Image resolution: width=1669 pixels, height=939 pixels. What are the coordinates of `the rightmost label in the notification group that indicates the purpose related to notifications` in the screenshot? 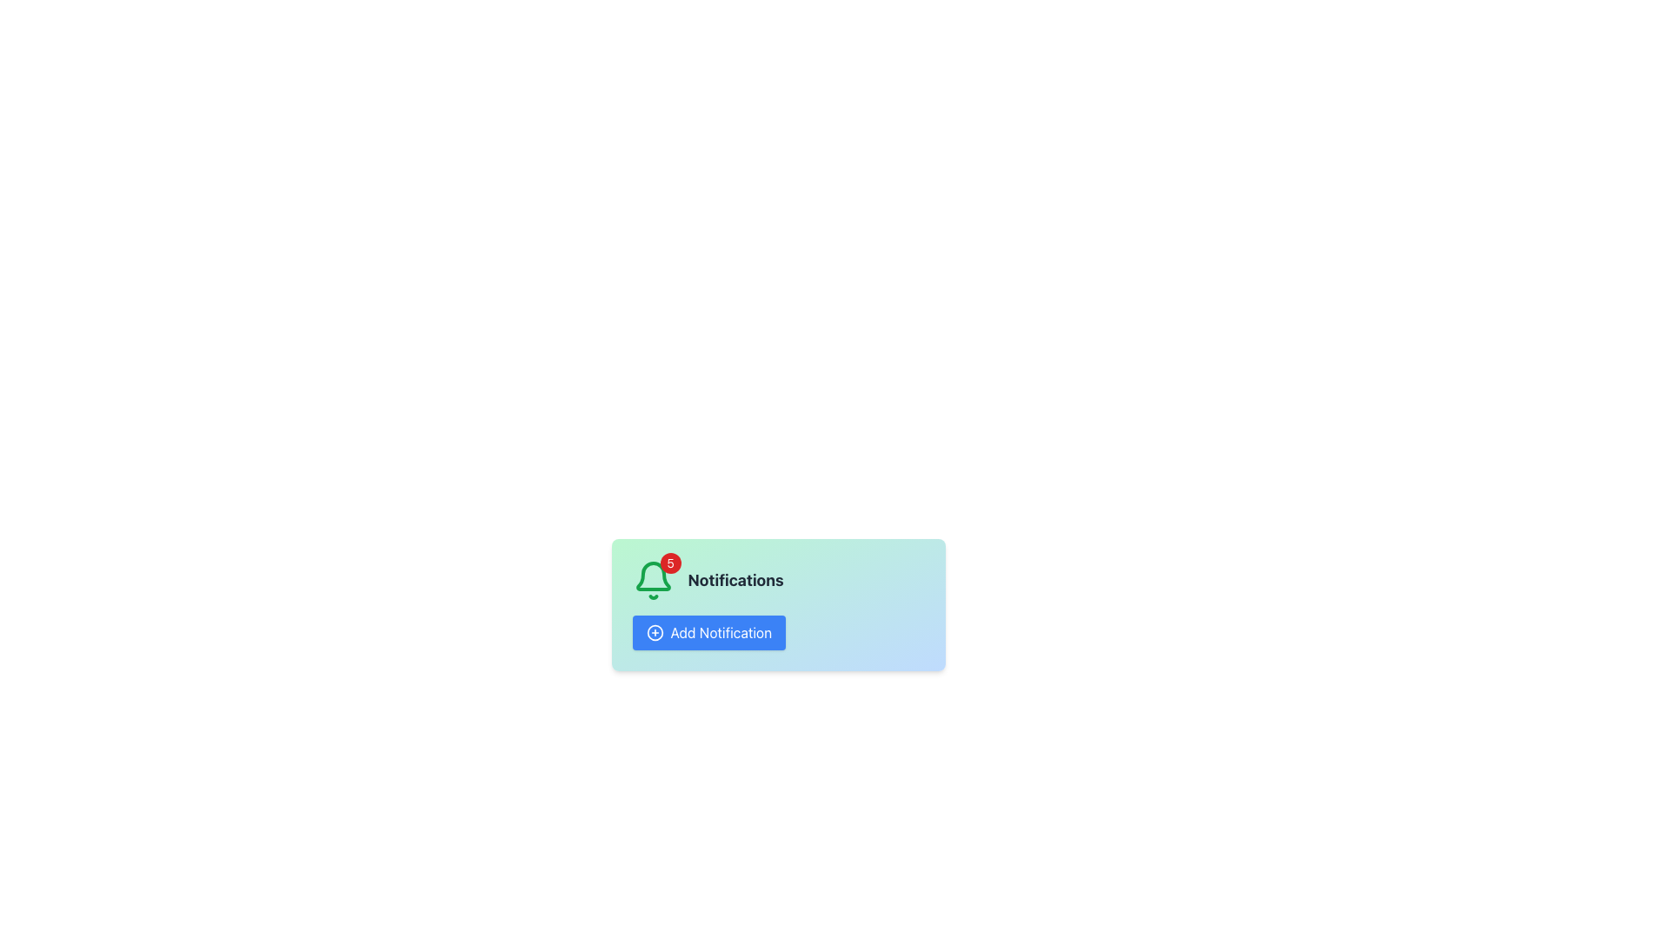 It's located at (735, 580).